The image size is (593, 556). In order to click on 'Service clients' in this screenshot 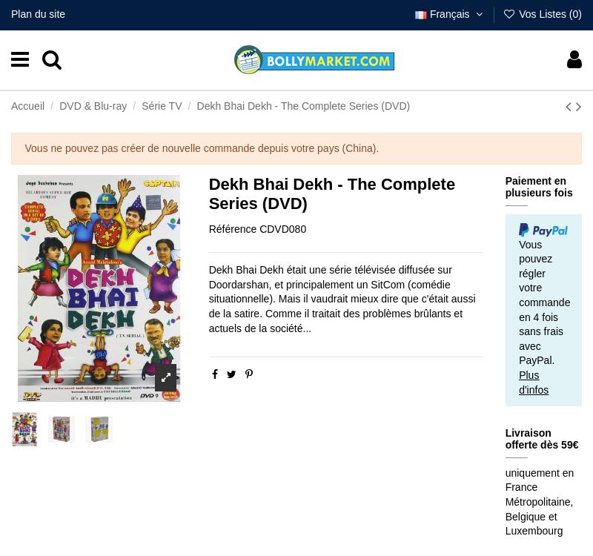, I will do `click(497, 444)`.